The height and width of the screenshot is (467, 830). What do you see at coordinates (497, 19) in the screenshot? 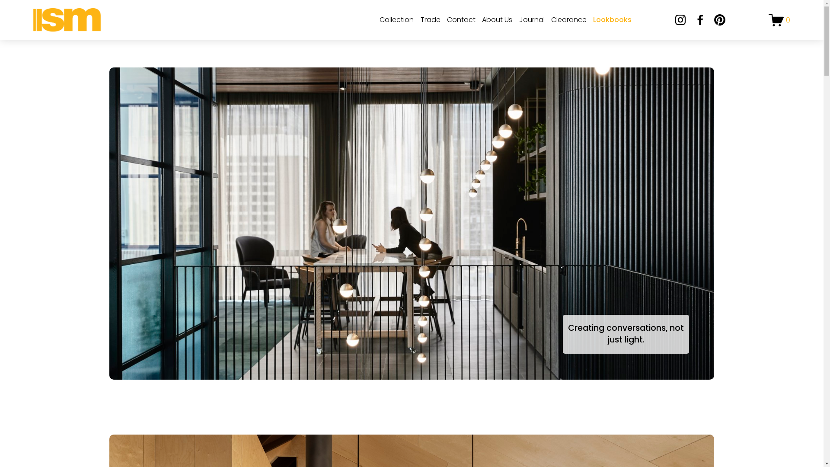
I see `'About Us'` at bounding box center [497, 19].